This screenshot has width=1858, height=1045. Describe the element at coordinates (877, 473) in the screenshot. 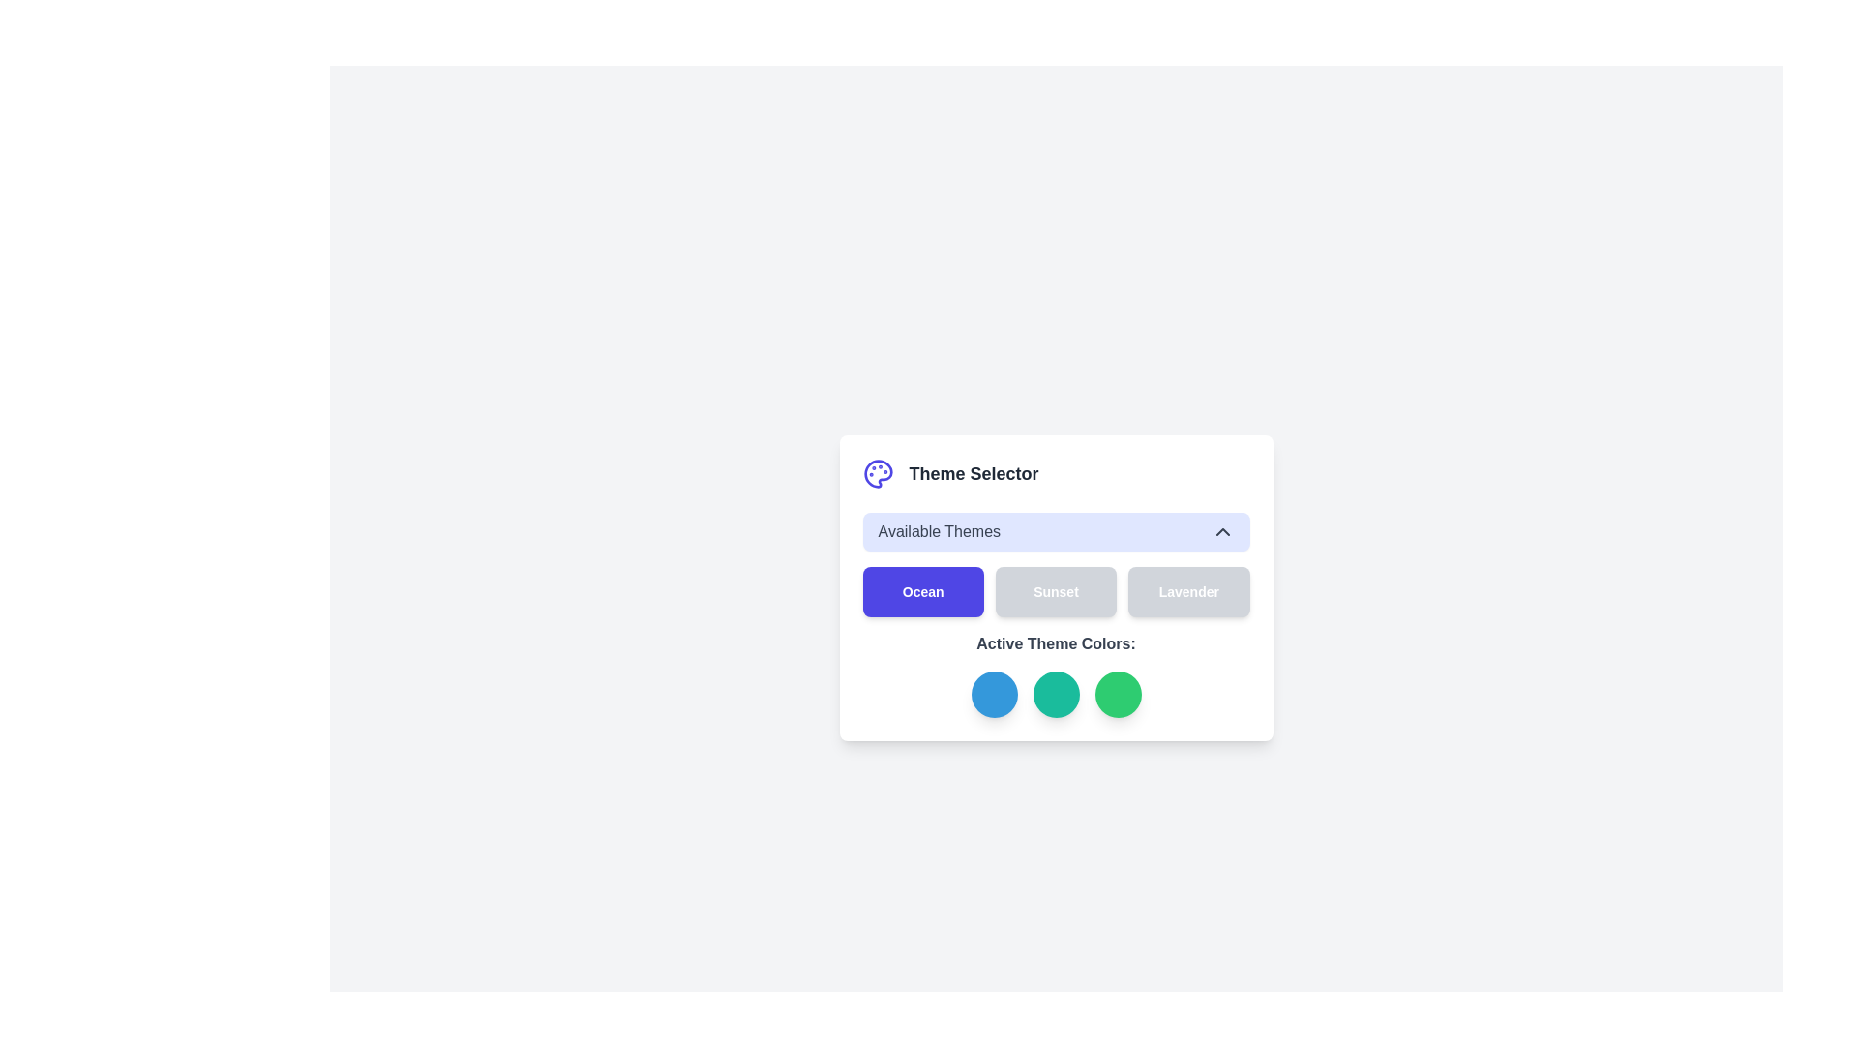

I see `the painter's palette icon, which is styled with a purple hue and located in the top left corner of the card labeled 'Theme Selector'` at that location.